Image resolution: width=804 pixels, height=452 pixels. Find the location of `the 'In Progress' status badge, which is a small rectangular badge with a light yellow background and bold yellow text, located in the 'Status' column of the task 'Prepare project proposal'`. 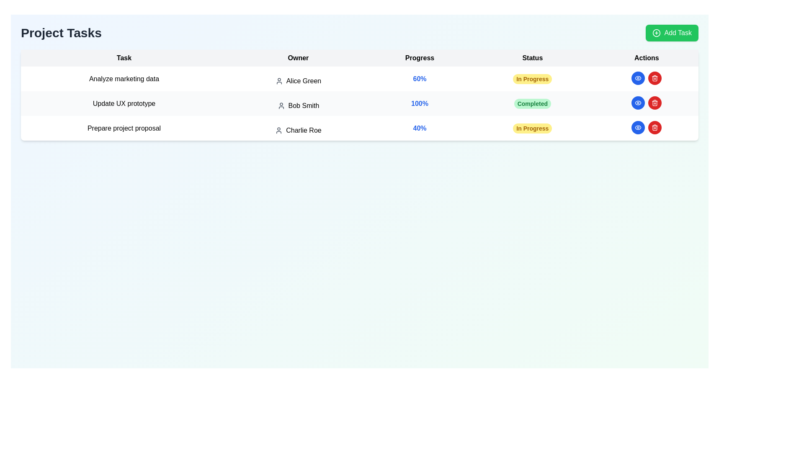

the 'In Progress' status badge, which is a small rectangular badge with a light yellow background and bold yellow text, located in the 'Status' column of the task 'Prepare project proposal' is located at coordinates (532, 128).